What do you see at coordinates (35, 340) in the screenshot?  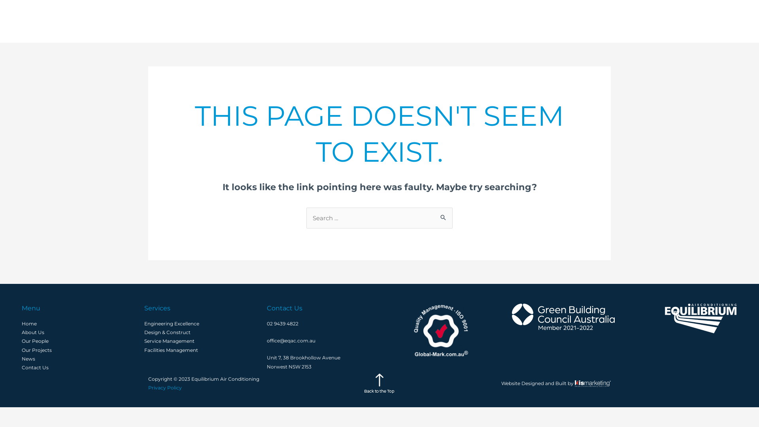 I see `'Our People'` at bounding box center [35, 340].